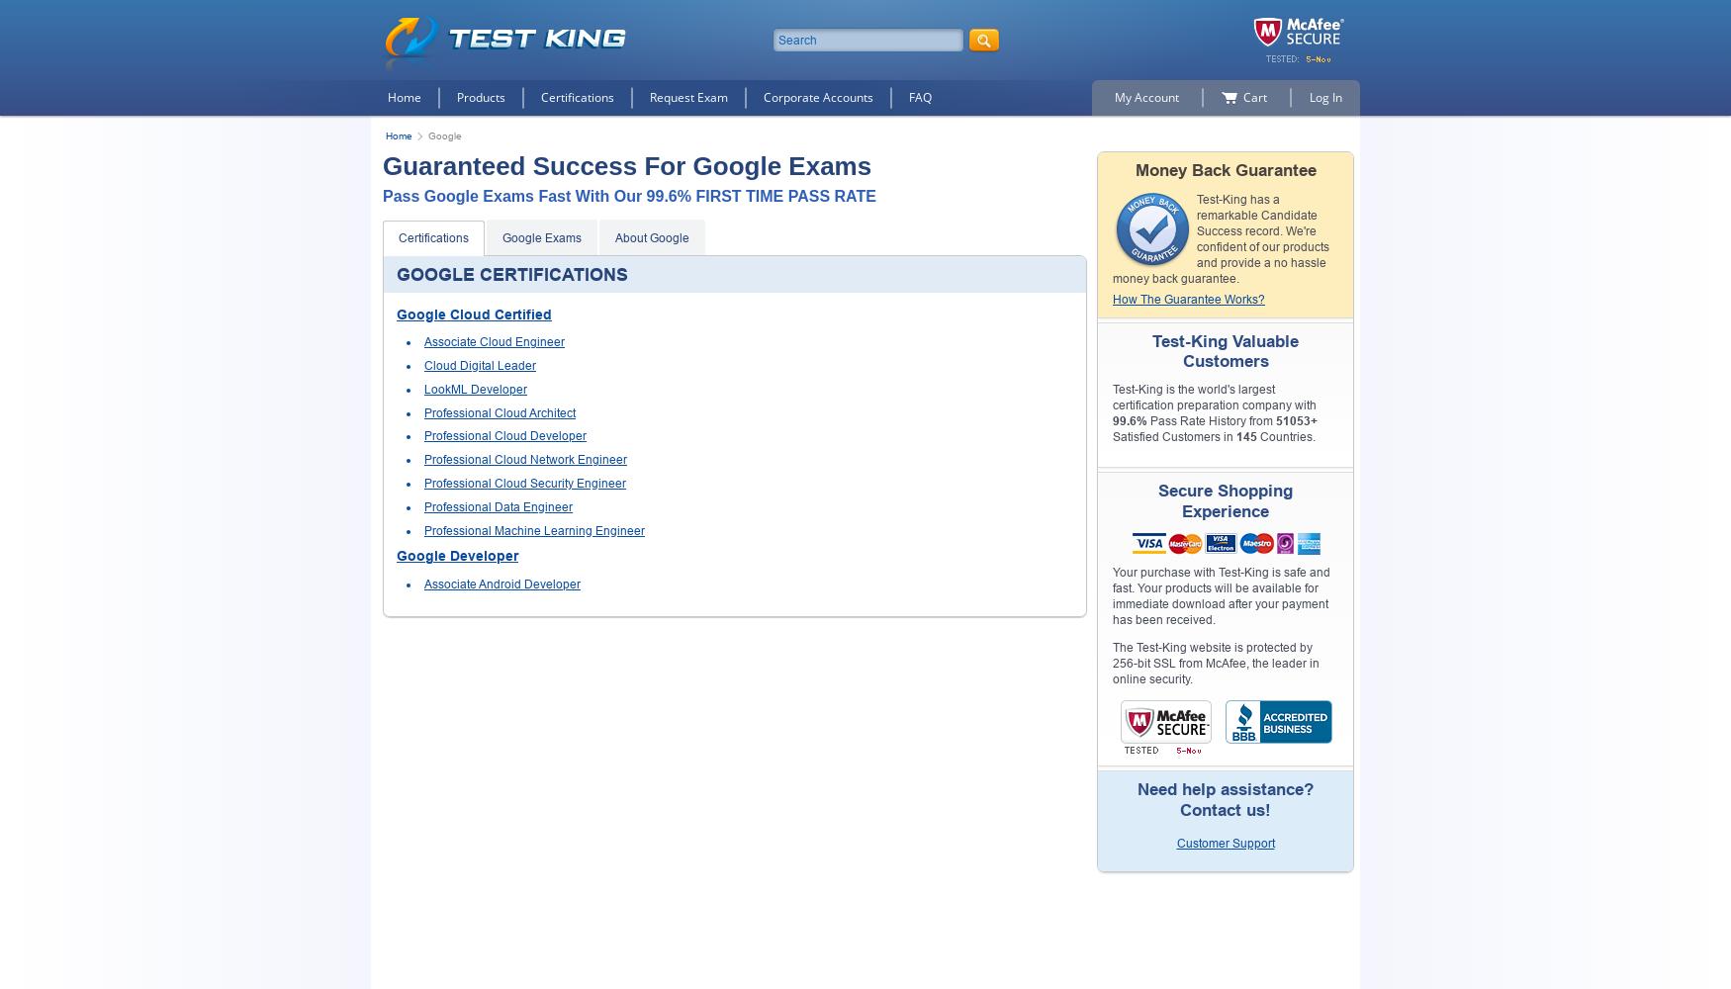  What do you see at coordinates (1285, 436) in the screenshot?
I see `'Countries.'` at bounding box center [1285, 436].